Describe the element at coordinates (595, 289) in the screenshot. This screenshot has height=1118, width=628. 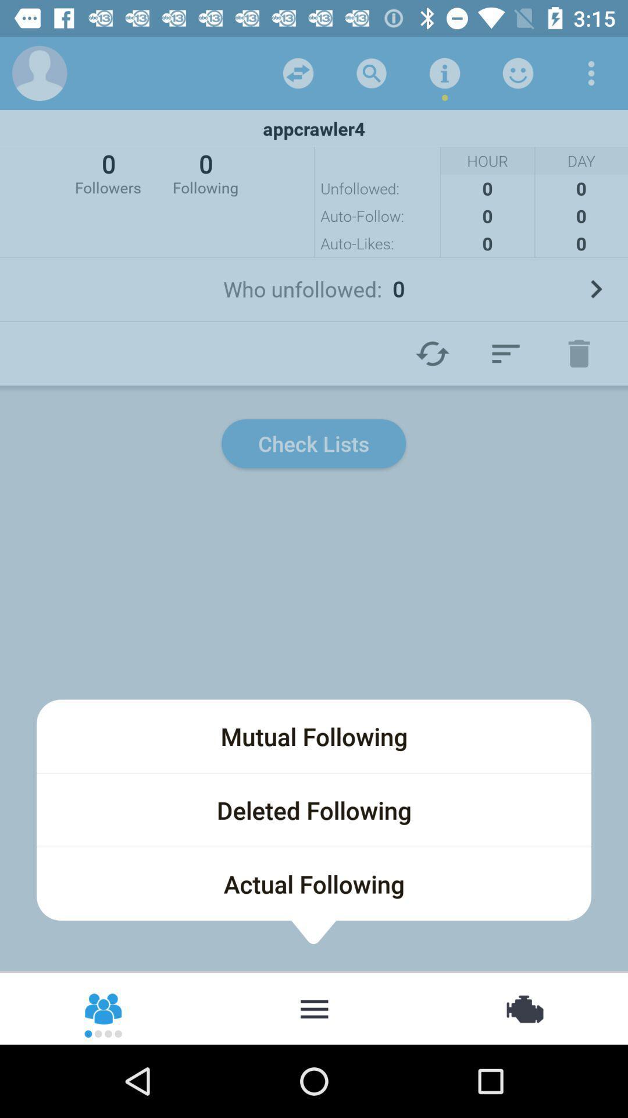
I see `the item next to the who unfollowed:  0 icon` at that location.